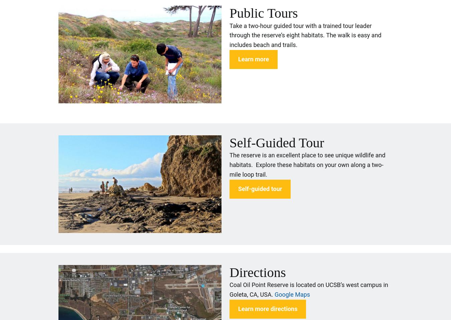  I want to click on 'Public Tours', so click(263, 12).